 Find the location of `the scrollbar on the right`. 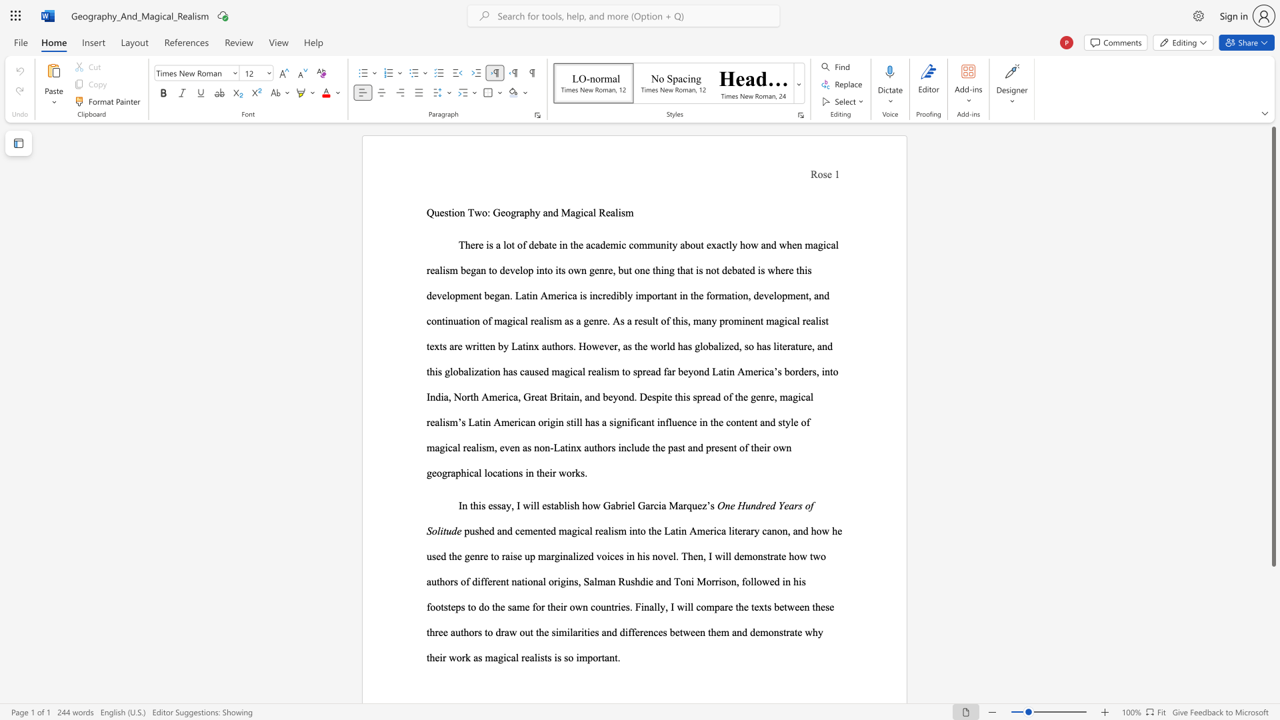

the scrollbar on the right is located at coordinates (1273, 666).